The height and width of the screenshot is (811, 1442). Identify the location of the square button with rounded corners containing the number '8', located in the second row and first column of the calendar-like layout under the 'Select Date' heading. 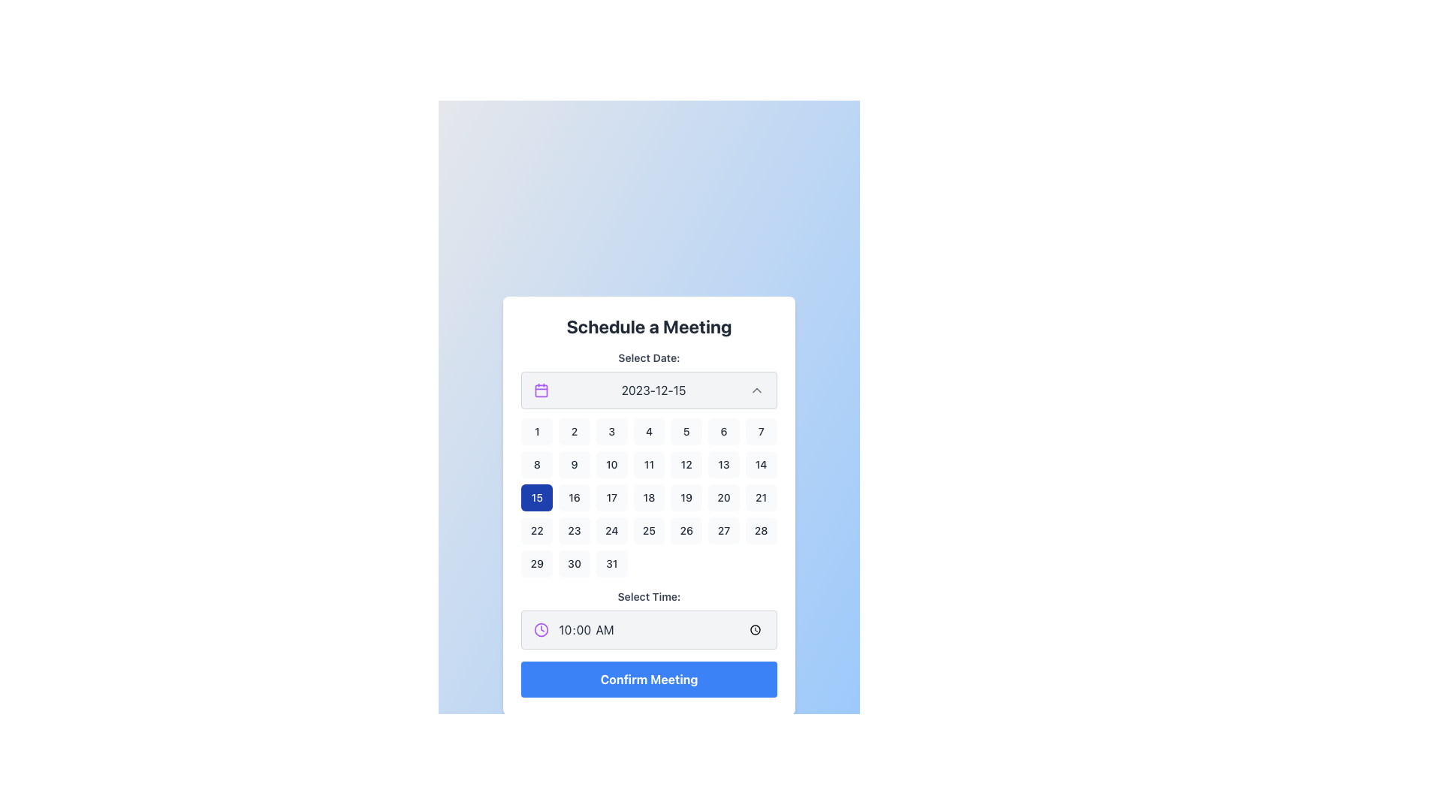
(537, 463).